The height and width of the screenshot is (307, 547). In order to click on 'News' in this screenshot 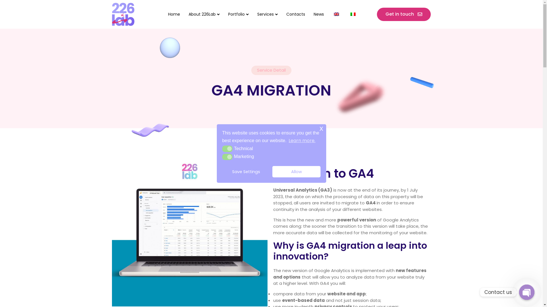, I will do `click(309, 14)`.